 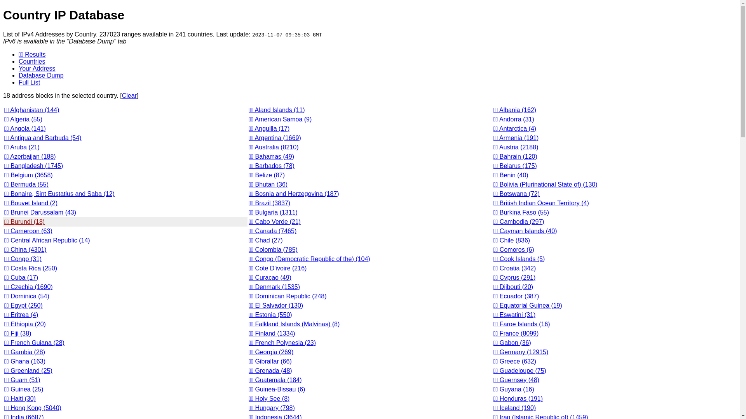 What do you see at coordinates (19, 61) in the screenshot?
I see `'Countries'` at bounding box center [19, 61].